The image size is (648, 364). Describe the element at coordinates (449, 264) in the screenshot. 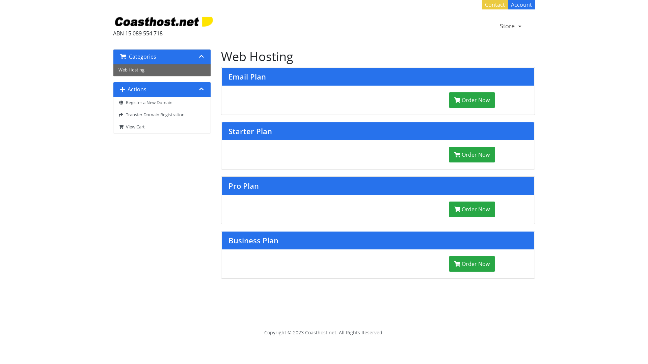

I see `'Order Now'` at that location.